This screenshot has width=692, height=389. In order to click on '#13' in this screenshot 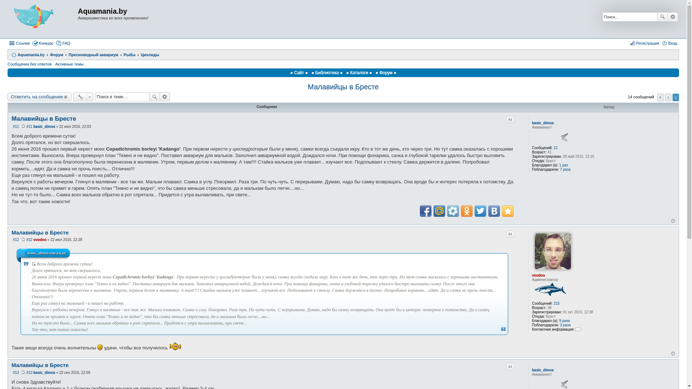, I will do `click(16, 372)`.